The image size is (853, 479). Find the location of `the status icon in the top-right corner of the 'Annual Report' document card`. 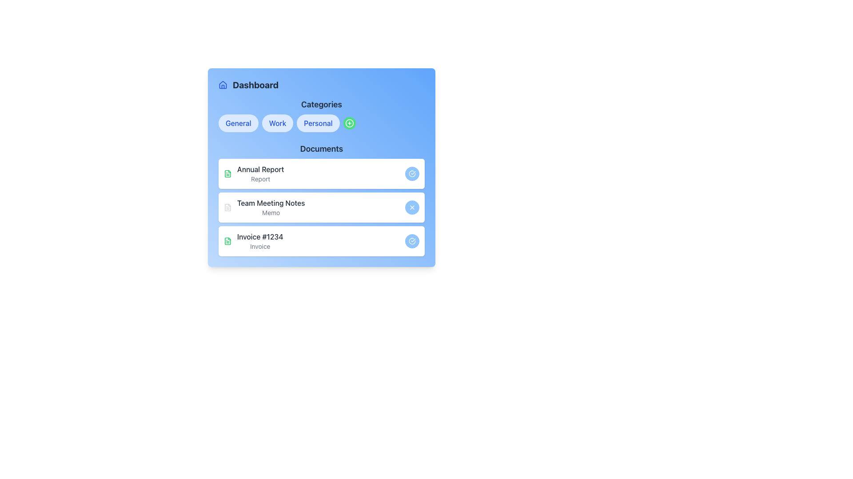

the status icon in the top-right corner of the 'Annual Report' document card is located at coordinates (411, 174).